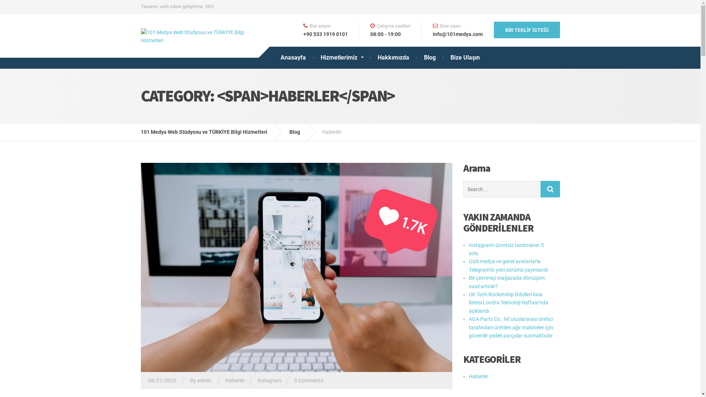 This screenshot has height=397, width=706. I want to click on 'instagram', so click(268, 380).